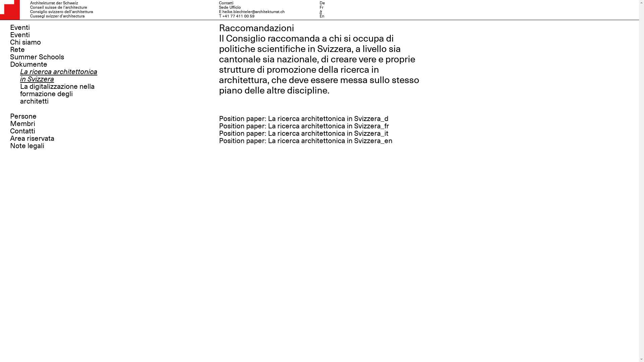 This screenshot has width=644, height=362. I want to click on 'Position paper: La ricerca architettonica in Svizzera_fr', so click(303, 126).